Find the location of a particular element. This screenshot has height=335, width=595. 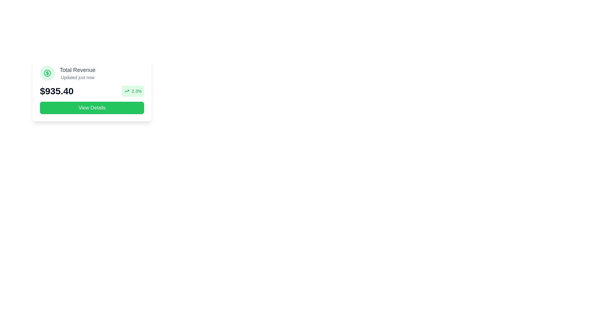

the circular icon with a green background and dollar sign ($) symbol, located to the left of the 'Total Revenue' text in the 'Total Revenue Updated just now' section is located at coordinates (47, 73).